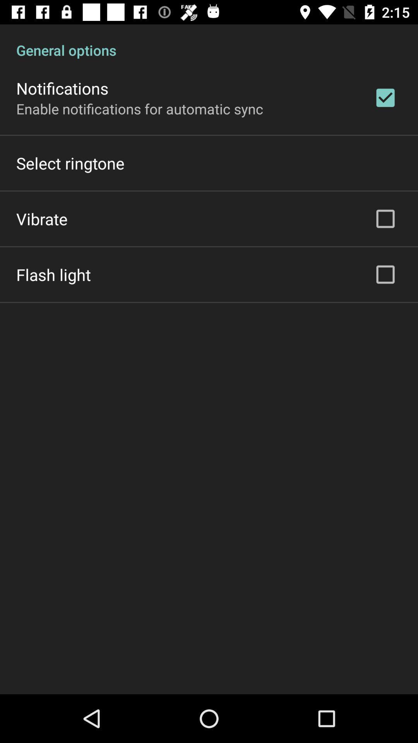 The image size is (418, 743). What do you see at coordinates (140, 108) in the screenshot?
I see `enable notifications for item` at bounding box center [140, 108].